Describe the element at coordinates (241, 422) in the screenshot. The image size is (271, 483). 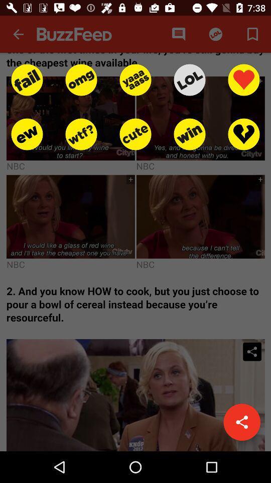
I see `the share icon` at that location.